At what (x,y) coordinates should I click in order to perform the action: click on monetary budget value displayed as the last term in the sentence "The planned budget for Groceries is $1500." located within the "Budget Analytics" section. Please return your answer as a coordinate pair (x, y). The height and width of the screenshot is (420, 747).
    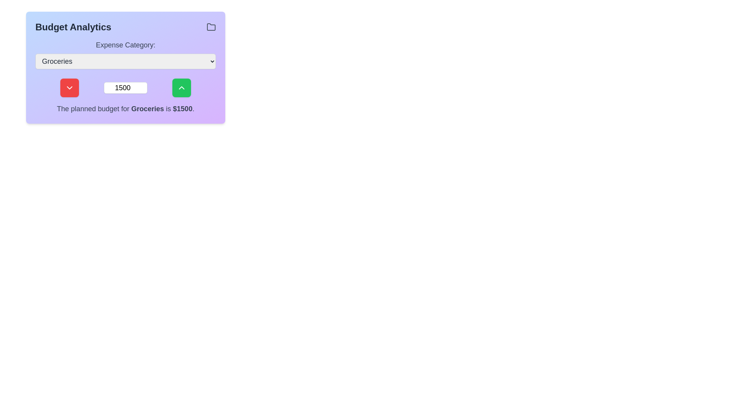
    Looking at the image, I should click on (182, 109).